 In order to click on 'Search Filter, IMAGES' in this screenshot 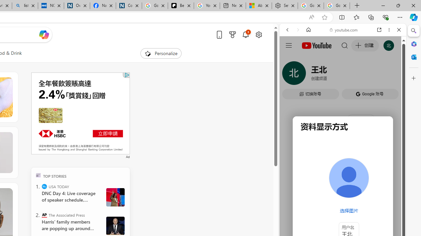, I will do `click(309, 74)`.